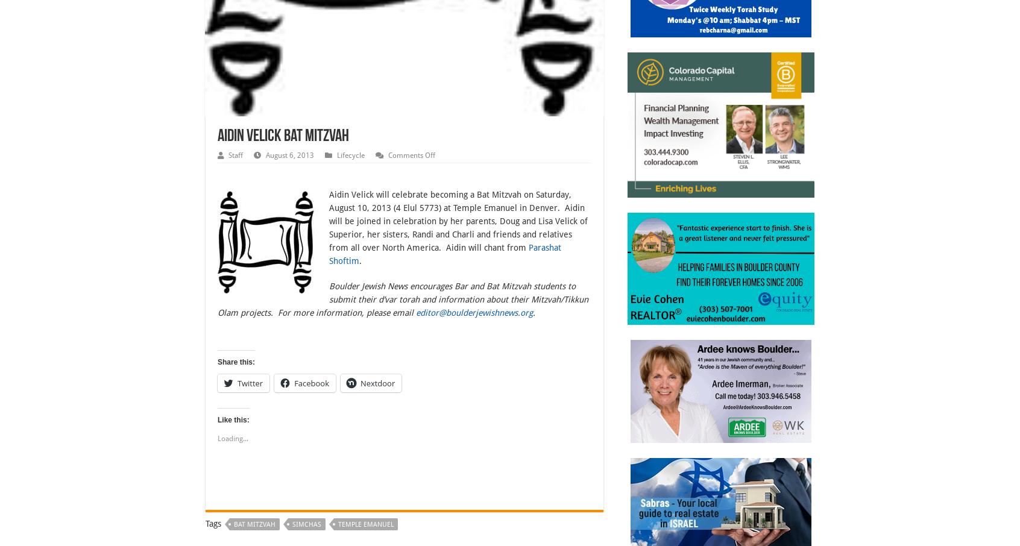 Image resolution: width=1020 pixels, height=546 pixels. Describe the element at coordinates (233, 419) in the screenshot. I see `'Like this:'` at that location.